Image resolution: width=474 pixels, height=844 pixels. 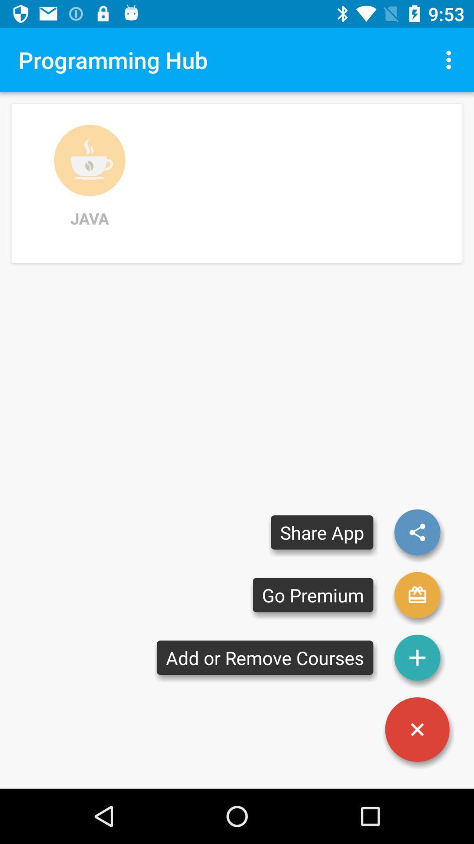 I want to click on the app, so click(x=417, y=729).